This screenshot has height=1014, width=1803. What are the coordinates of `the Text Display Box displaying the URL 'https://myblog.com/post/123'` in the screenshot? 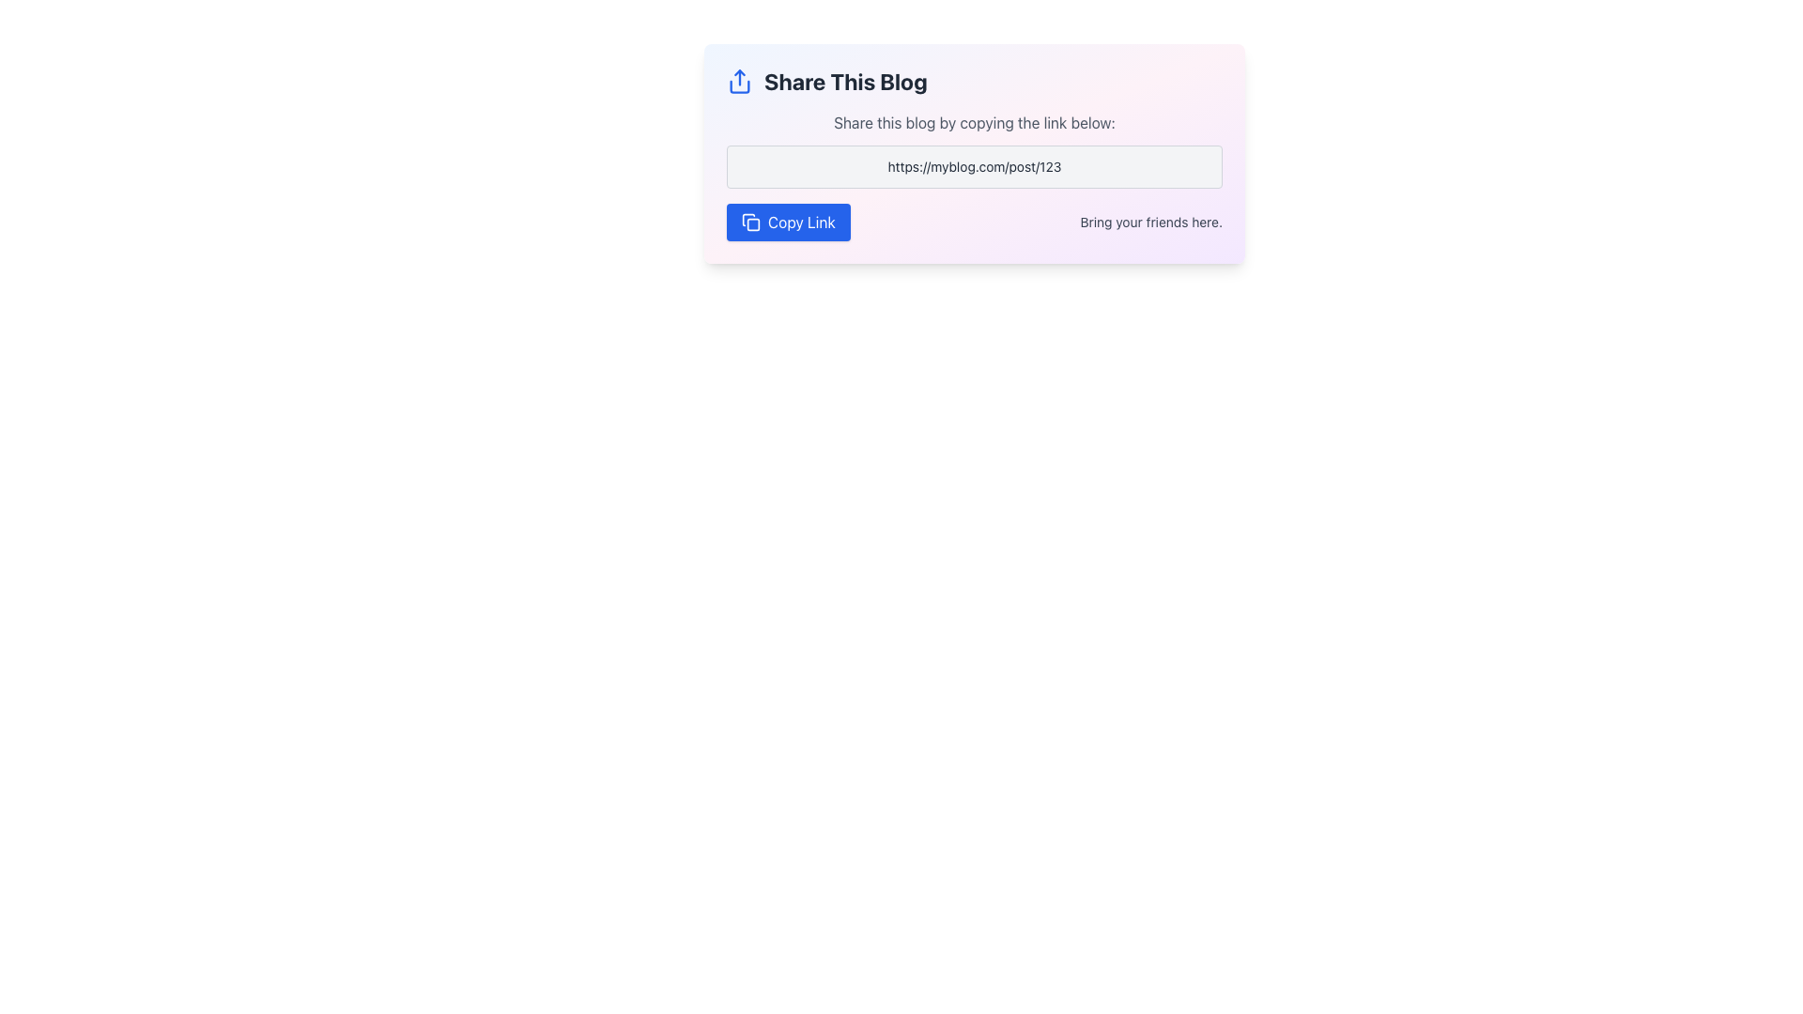 It's located at (974, 165).